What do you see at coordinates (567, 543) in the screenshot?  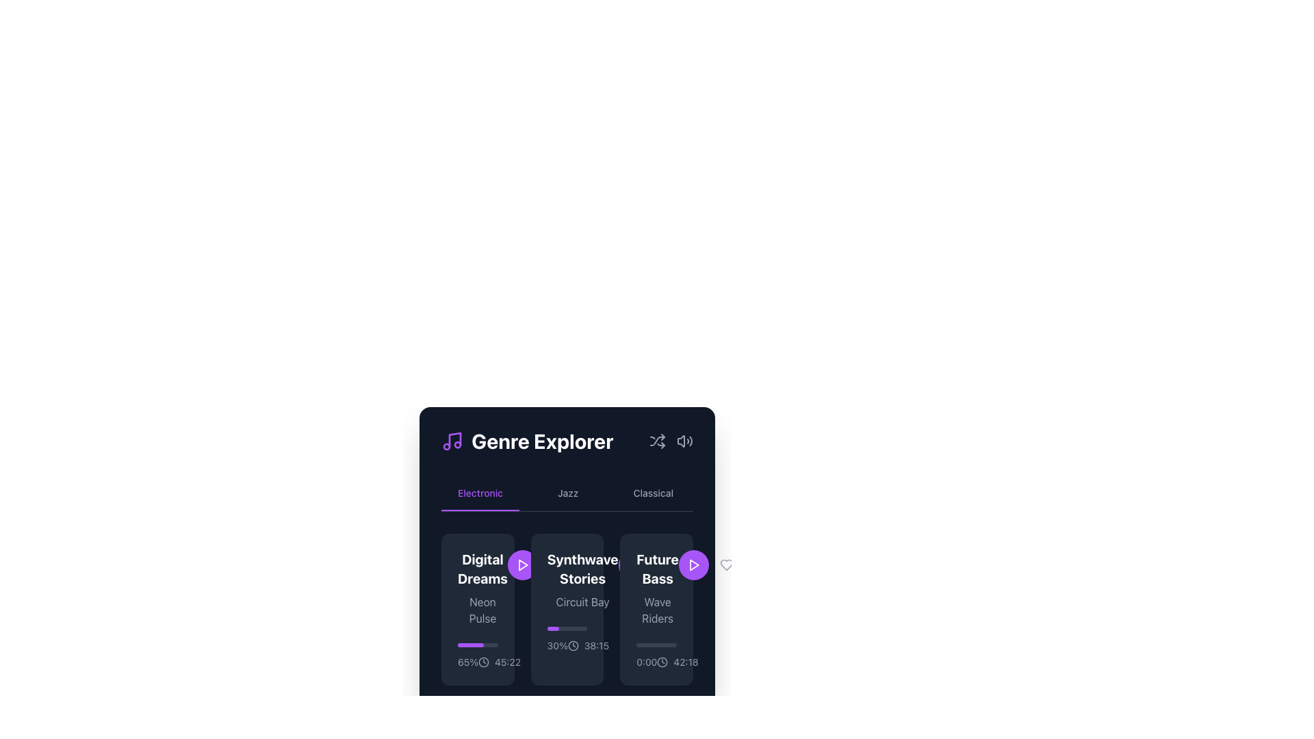 I see `the Interactive card representing the 'Electronic' genre in the Genre Explorer section` at bounding box center [567, 543].